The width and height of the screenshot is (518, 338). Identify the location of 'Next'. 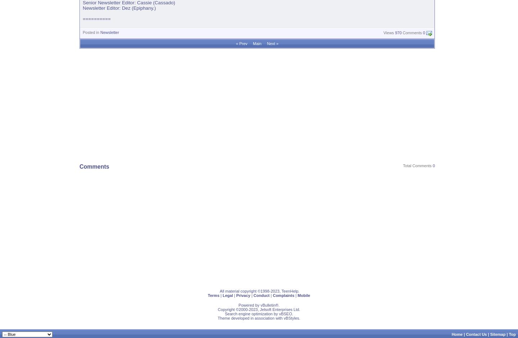
(270, 43).